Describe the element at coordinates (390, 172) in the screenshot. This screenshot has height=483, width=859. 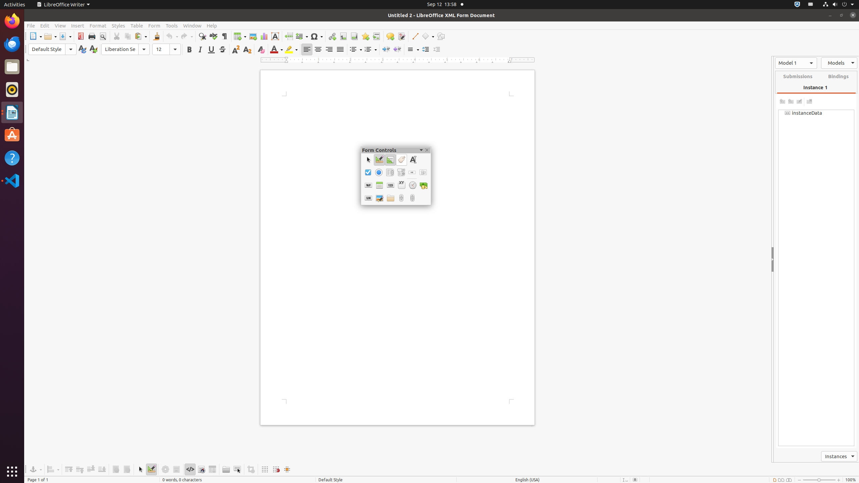
I see `'List Box'` at that location.